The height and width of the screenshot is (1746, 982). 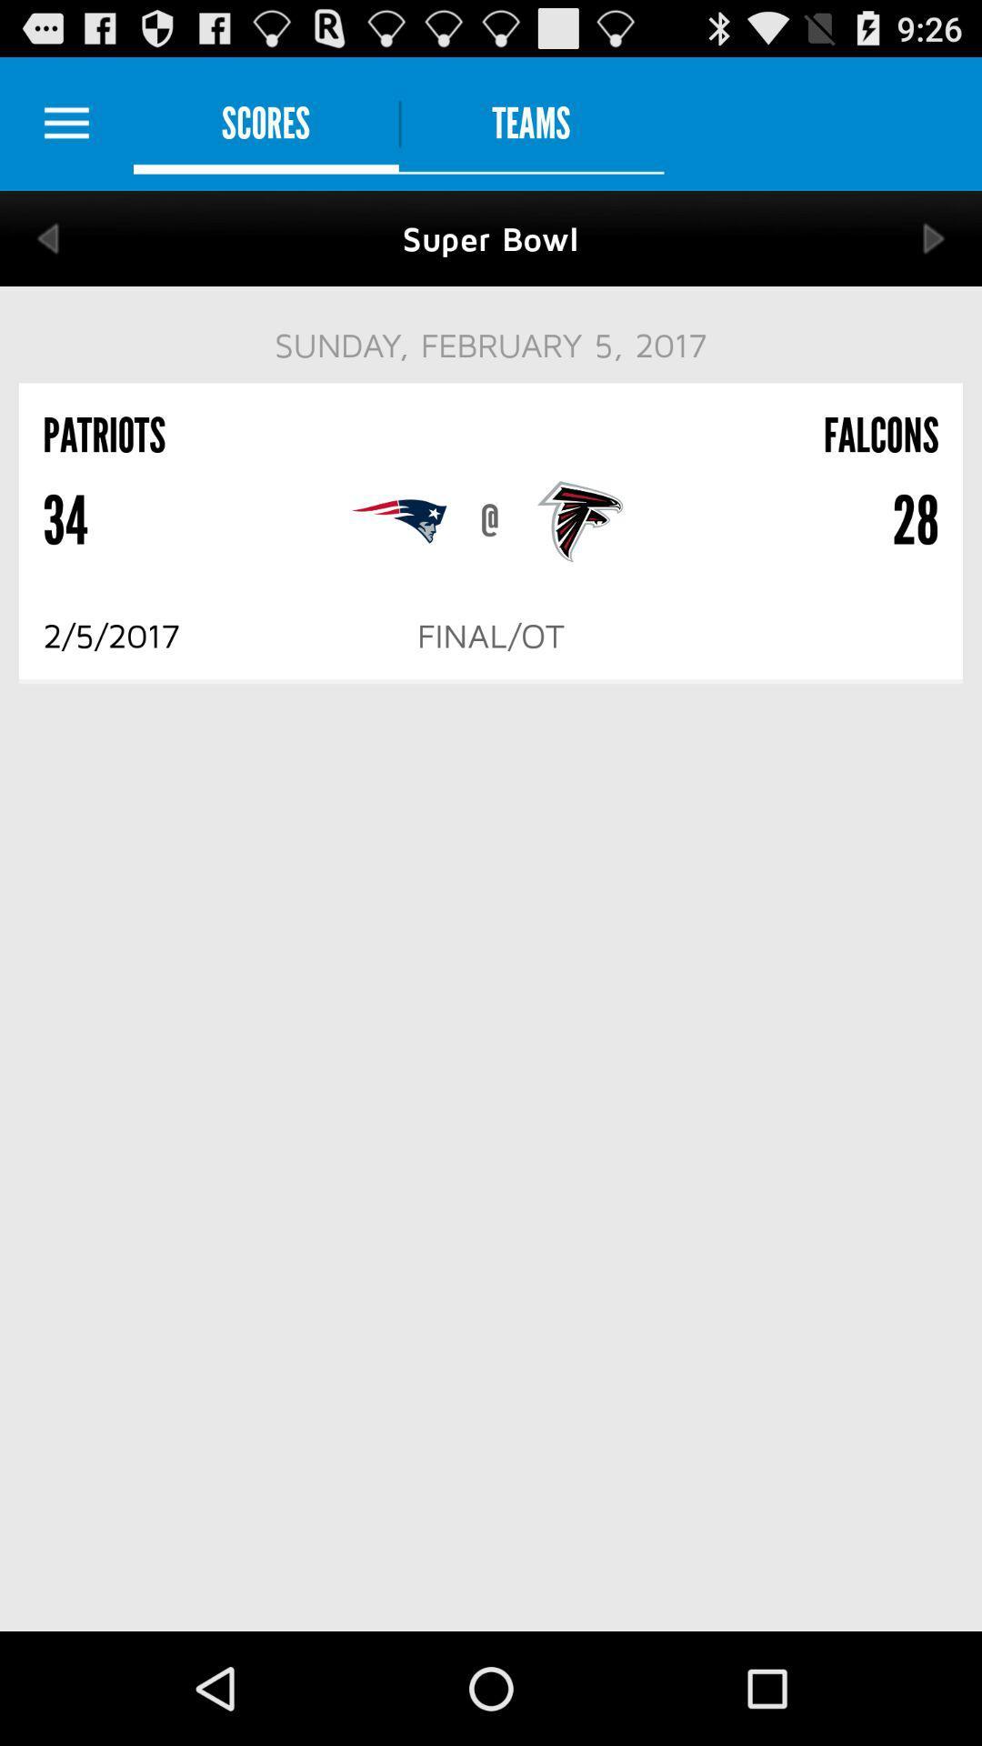 What do you see at coordinates (46, 237) in the screenshot?
I see `go back` at bounding box center [46, 237].